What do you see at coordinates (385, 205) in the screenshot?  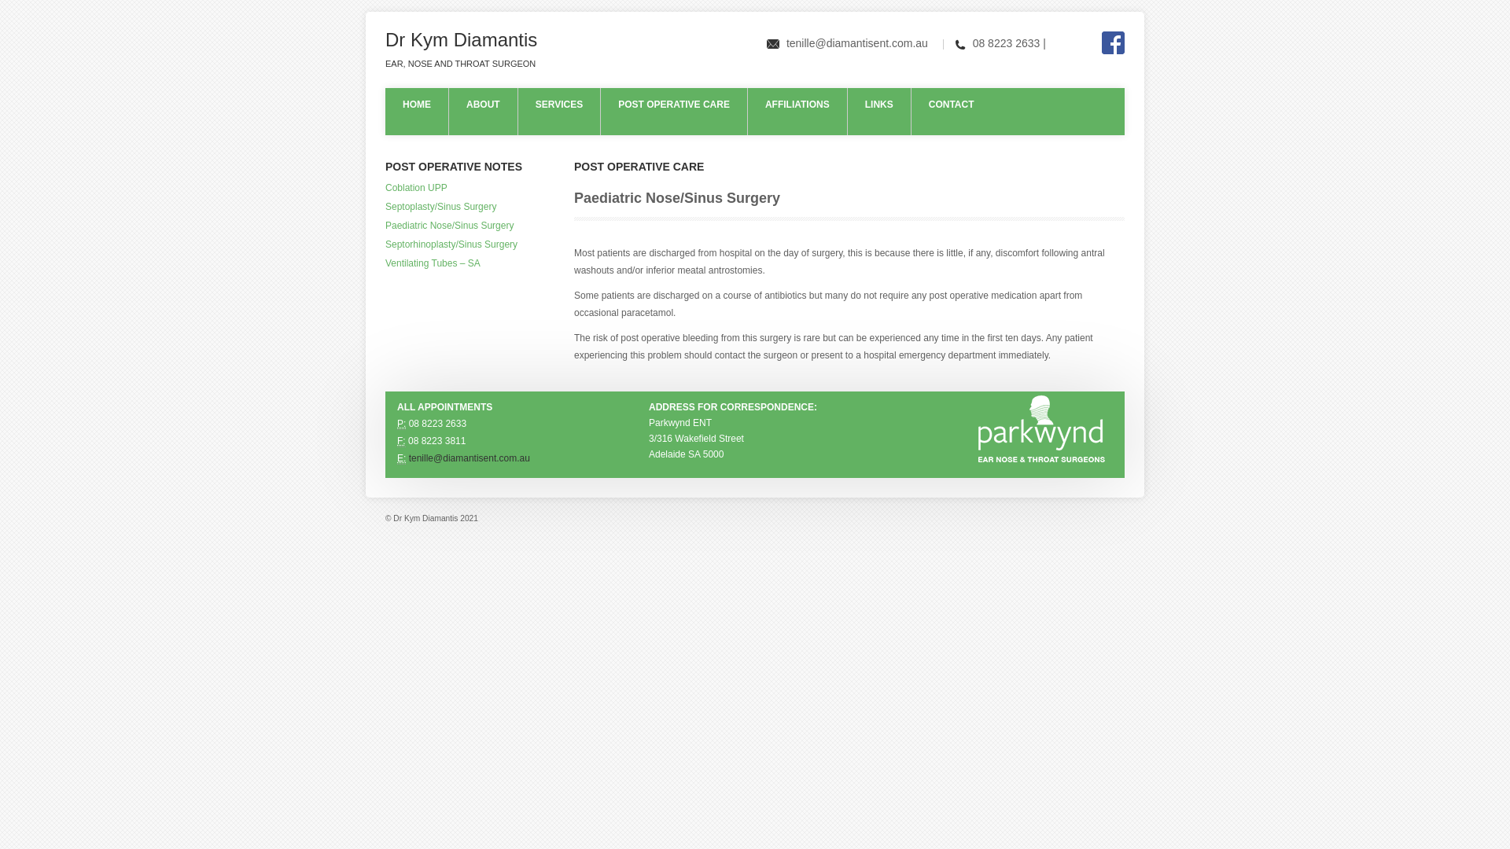 I see `'Septoplasty/Sinus Surgery'` at bounding box center [385, 205].